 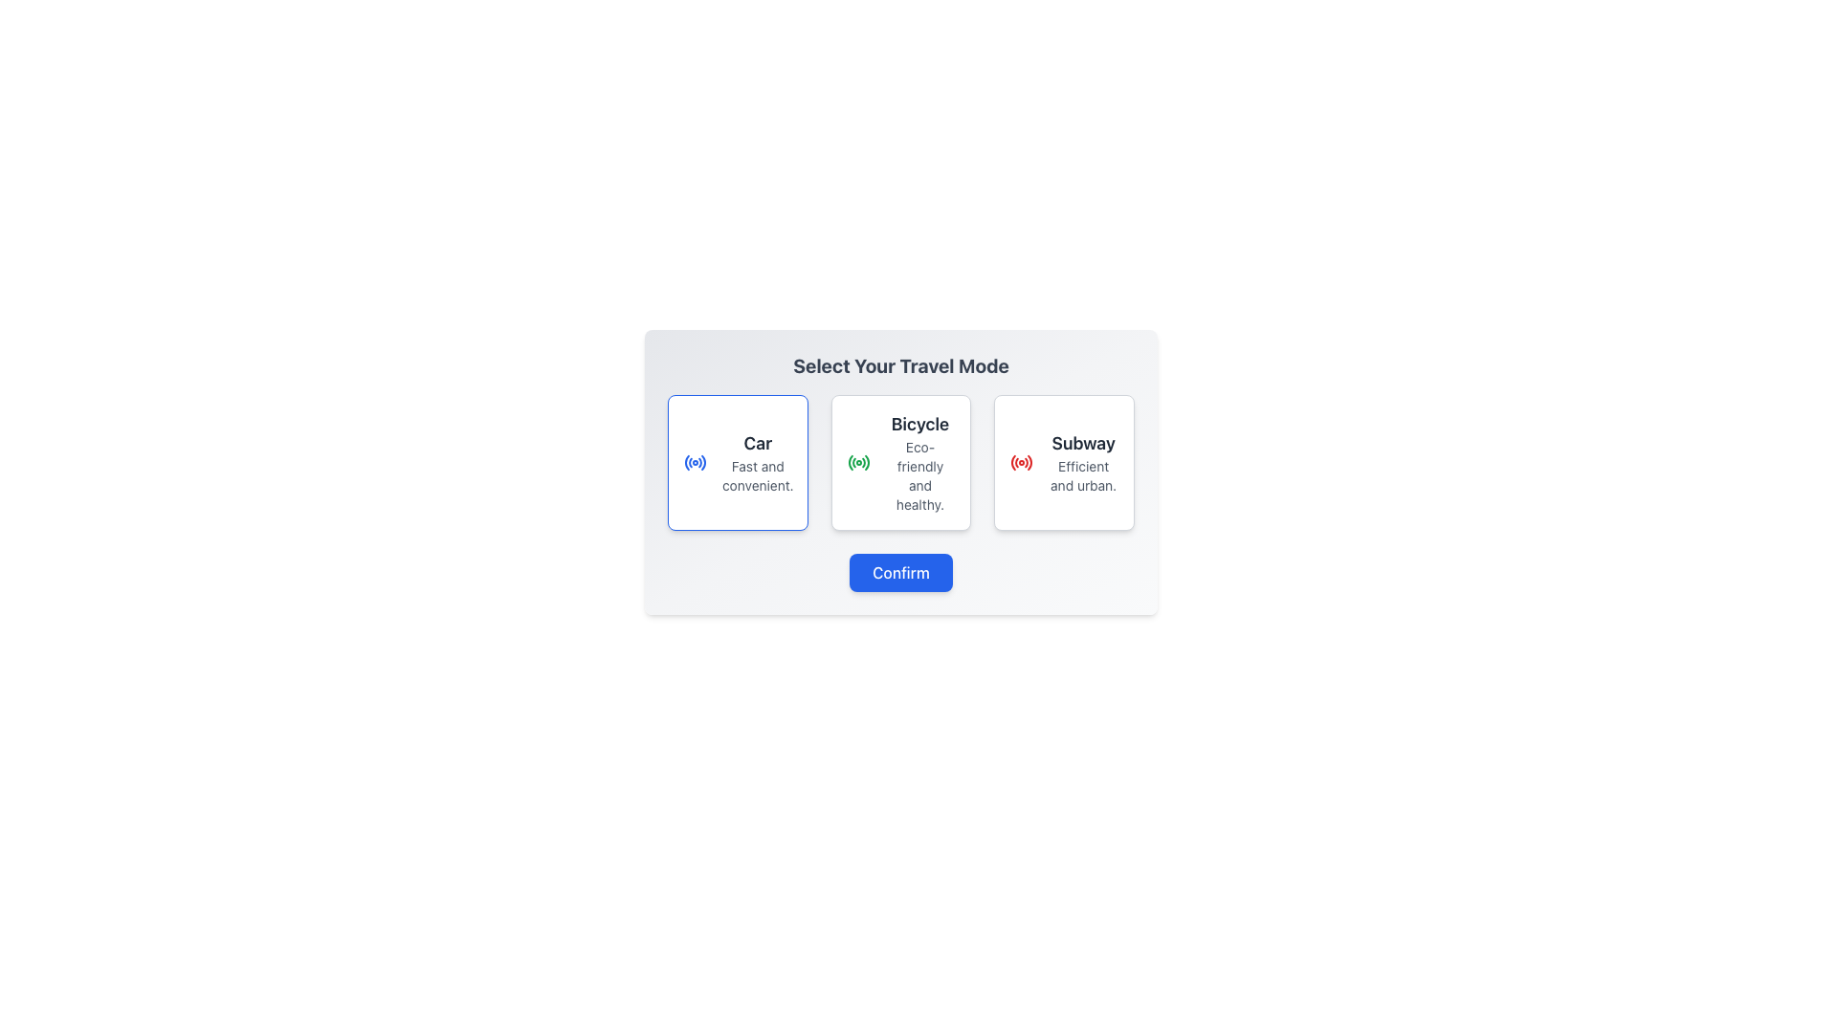 What do you see at coordinates (702, 462) in the screenshot?
I see `the fifth curved red line of the circular radio icon, which is positioned to the right in the icon's graphical representation within the leftmost white card labeled 'Car'` at bounding box center [702, 462].